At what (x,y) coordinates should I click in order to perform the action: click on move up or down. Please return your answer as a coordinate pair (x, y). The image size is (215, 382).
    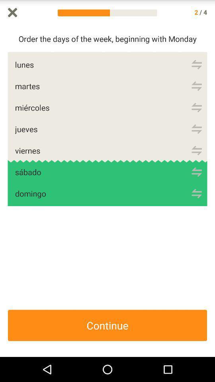
    Looking at the image, I should click on (196, 107).